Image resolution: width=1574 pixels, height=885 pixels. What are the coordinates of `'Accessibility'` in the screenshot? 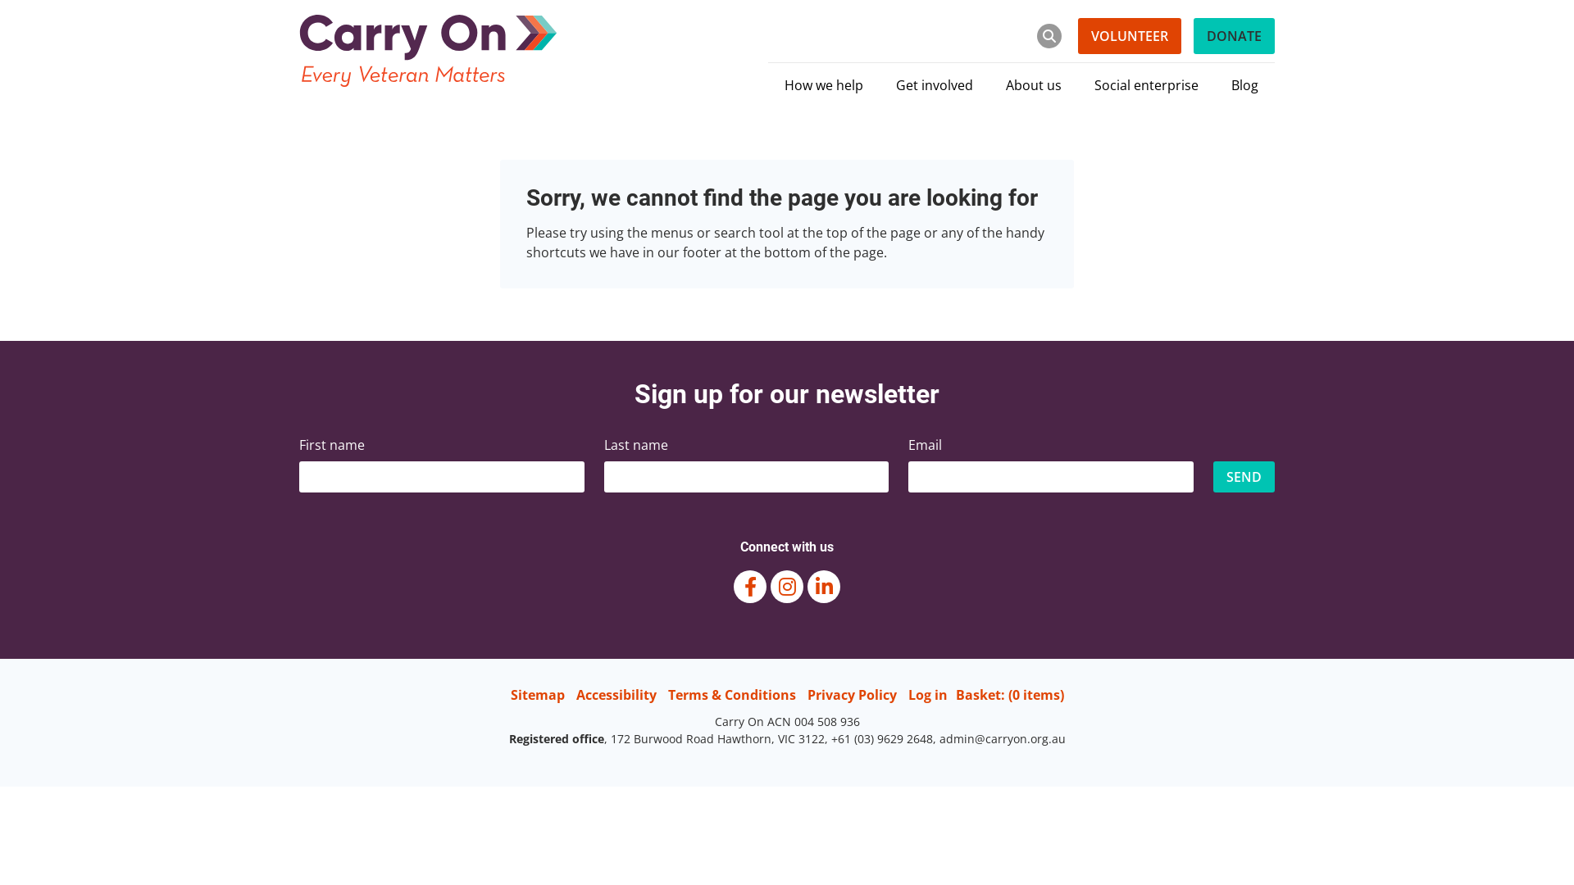 It's located at (575, 695).